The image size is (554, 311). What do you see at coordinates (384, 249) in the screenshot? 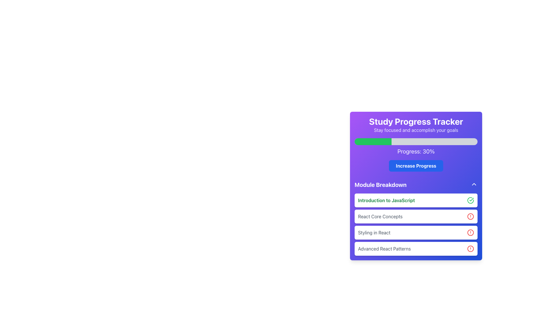
I see `the static text label displaying 'Advanced React Patterns' located in the module list of the 'Study Progress Tracker' card` at bounding box center [384, 249].